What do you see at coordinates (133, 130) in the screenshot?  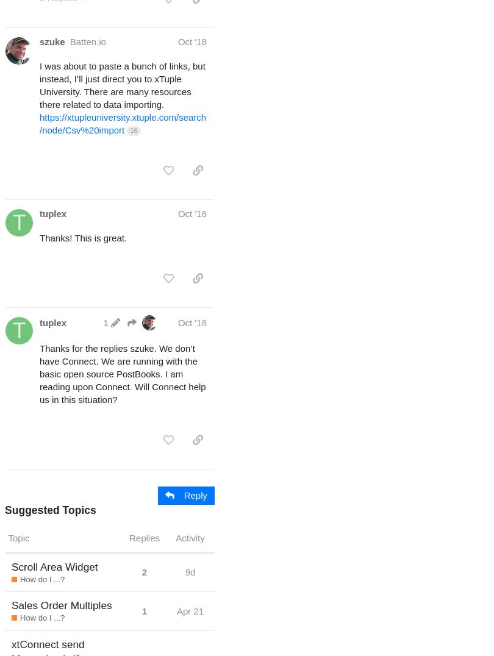 I see `'16'` at bounding box center [133, 130].